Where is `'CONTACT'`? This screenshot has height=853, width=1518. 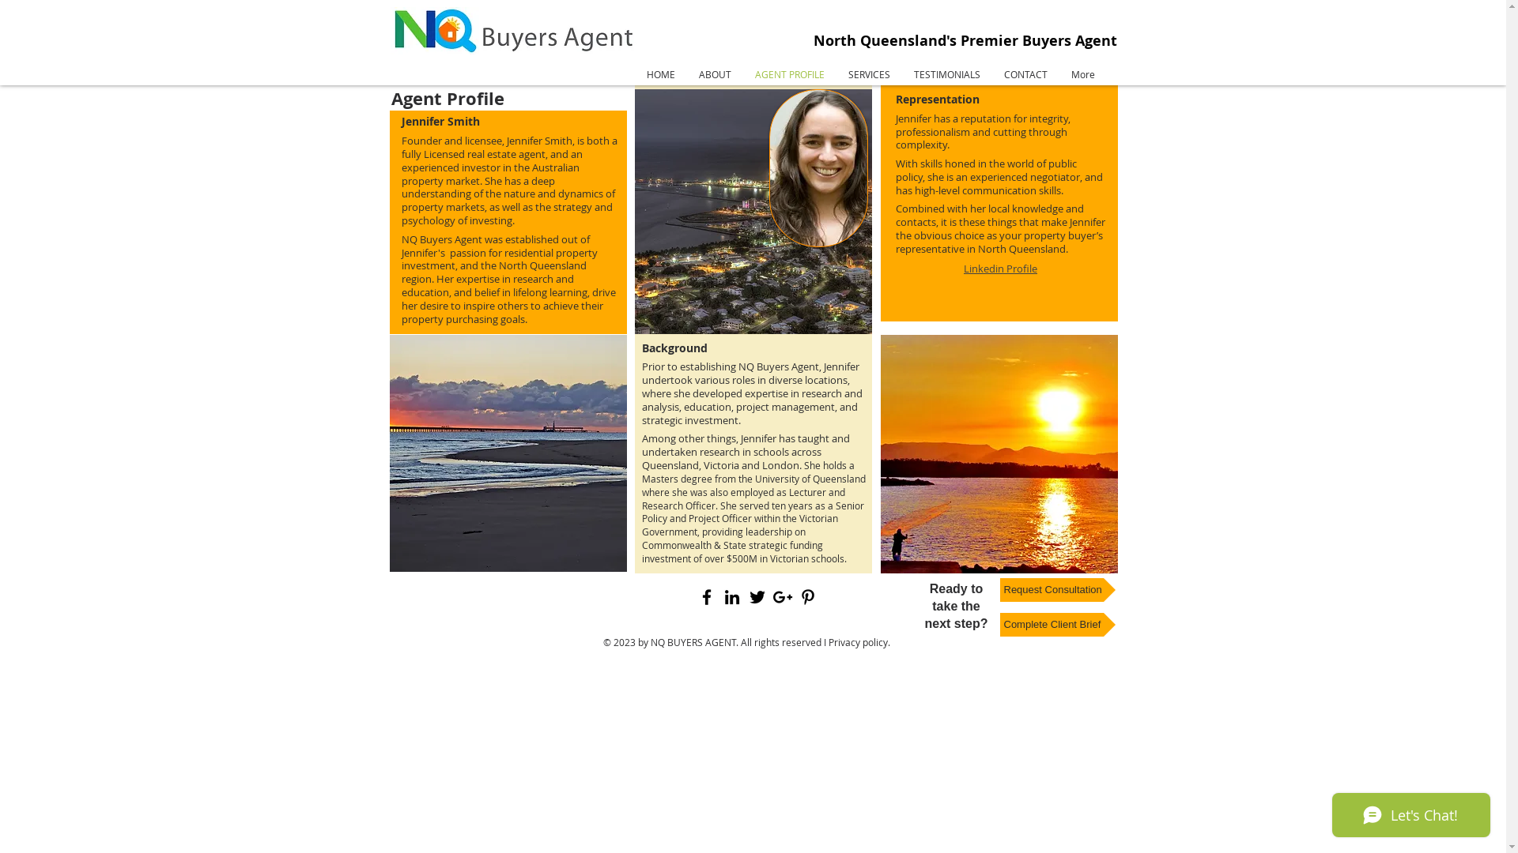 'CONTACT' is located at coordinates (1025, 73).